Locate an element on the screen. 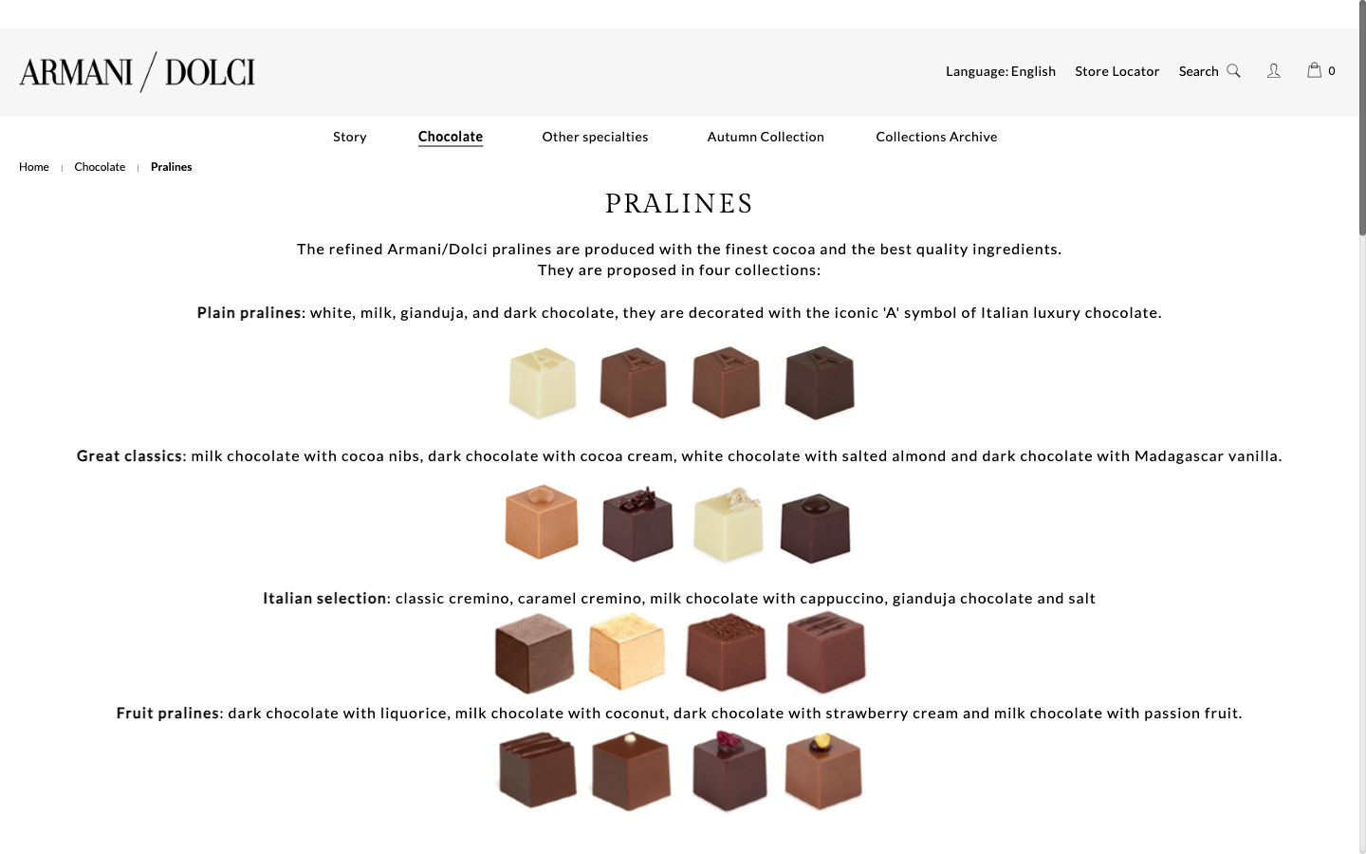 The image size is (1366, 854). the Armani/dolci homepage by selecting the home option located beneath the logo on the left-hand side is located at coordinates (33, 166).